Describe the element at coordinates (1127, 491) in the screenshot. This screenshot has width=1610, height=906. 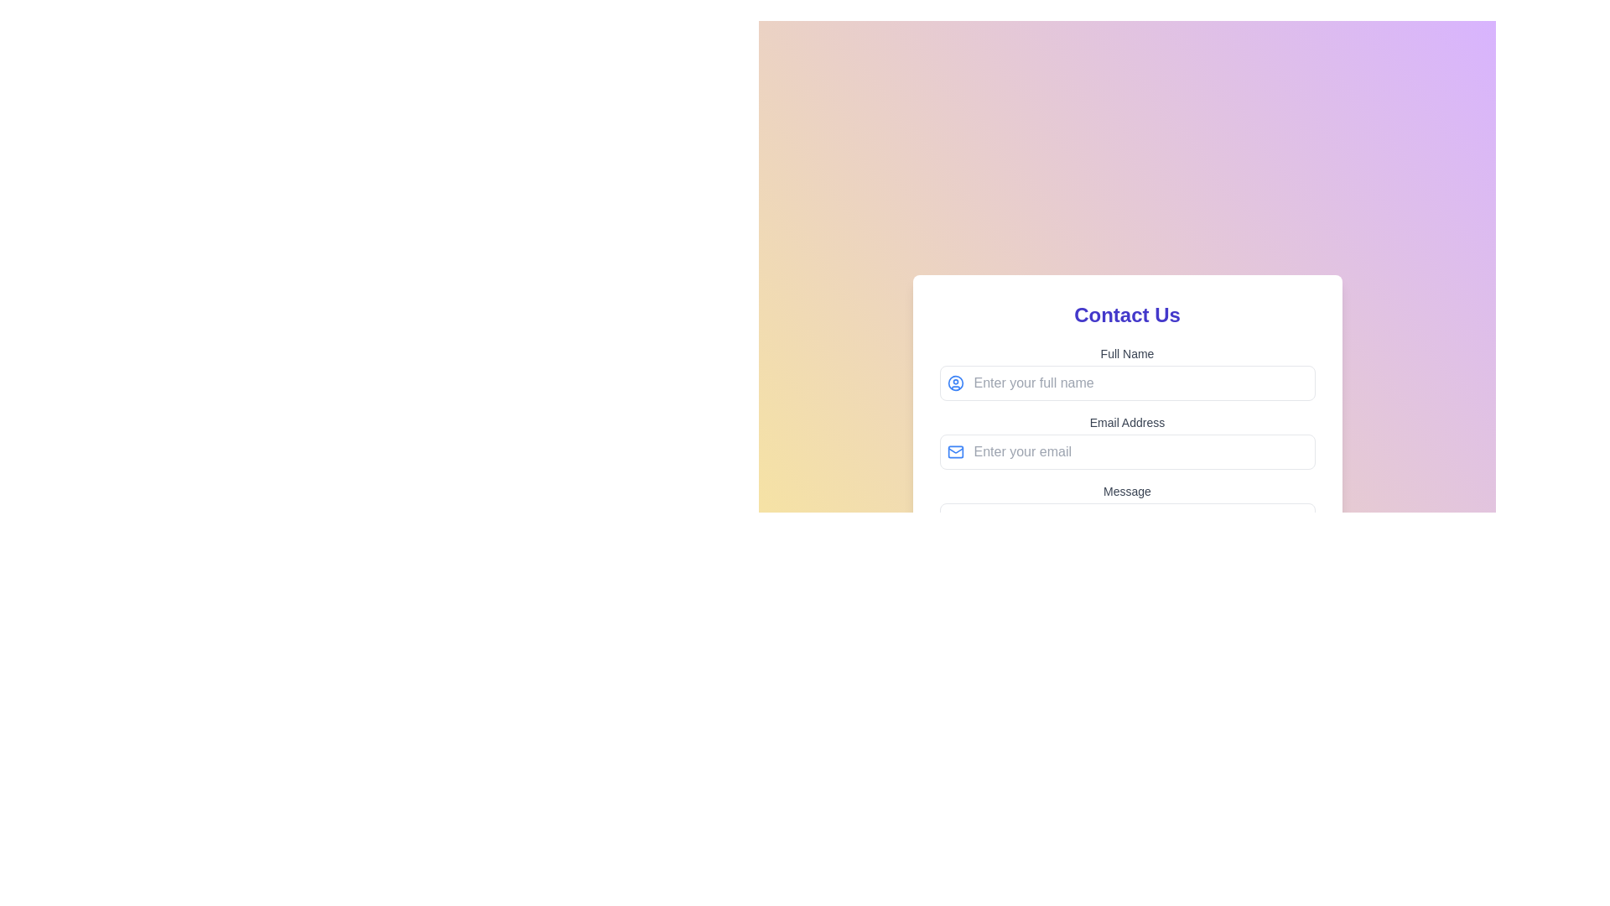
I see `the text label that provides clarity and guidance for the message input area, located just above the 'Message' text input box` at that location.